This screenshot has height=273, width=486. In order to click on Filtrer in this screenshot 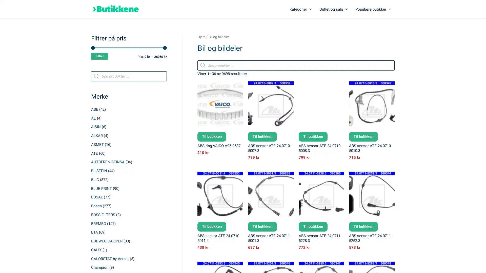, I will do `click(99, 56)`.